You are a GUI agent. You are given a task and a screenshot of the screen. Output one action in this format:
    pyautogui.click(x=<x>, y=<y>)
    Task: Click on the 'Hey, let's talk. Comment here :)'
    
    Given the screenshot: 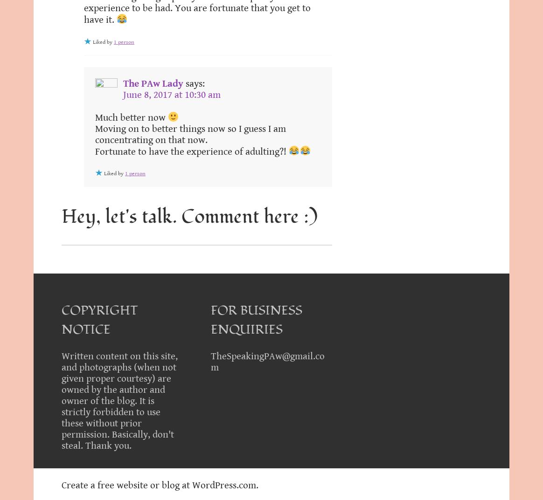 What is the action you would take?
    pyautogui.click(x=189, y=217)
    